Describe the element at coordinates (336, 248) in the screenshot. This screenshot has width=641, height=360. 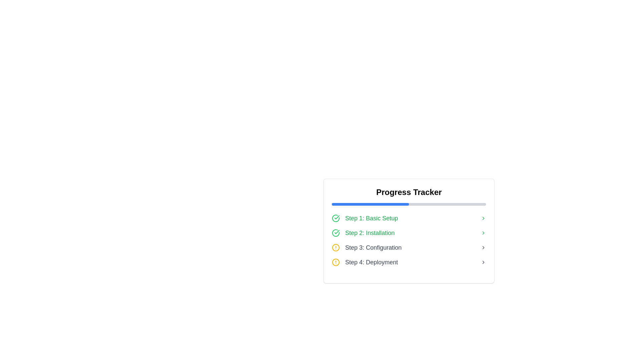
I see `the yellow circular icon indicating the status of 'Step 3: Configuration' in the progress tracker` at that location.